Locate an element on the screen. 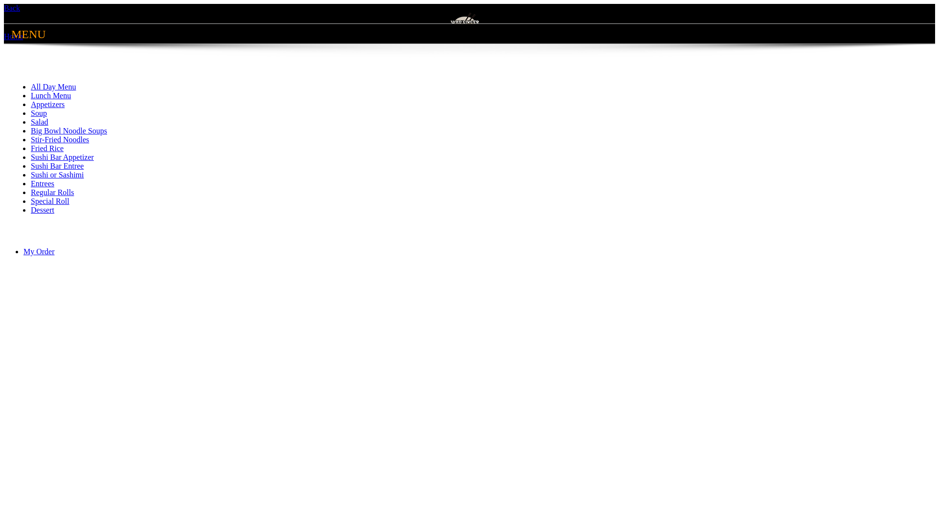 Image resolution: width=939 pixels, height=528 pixels. 'Regular Rolls' is located at coordinates (30, 192).